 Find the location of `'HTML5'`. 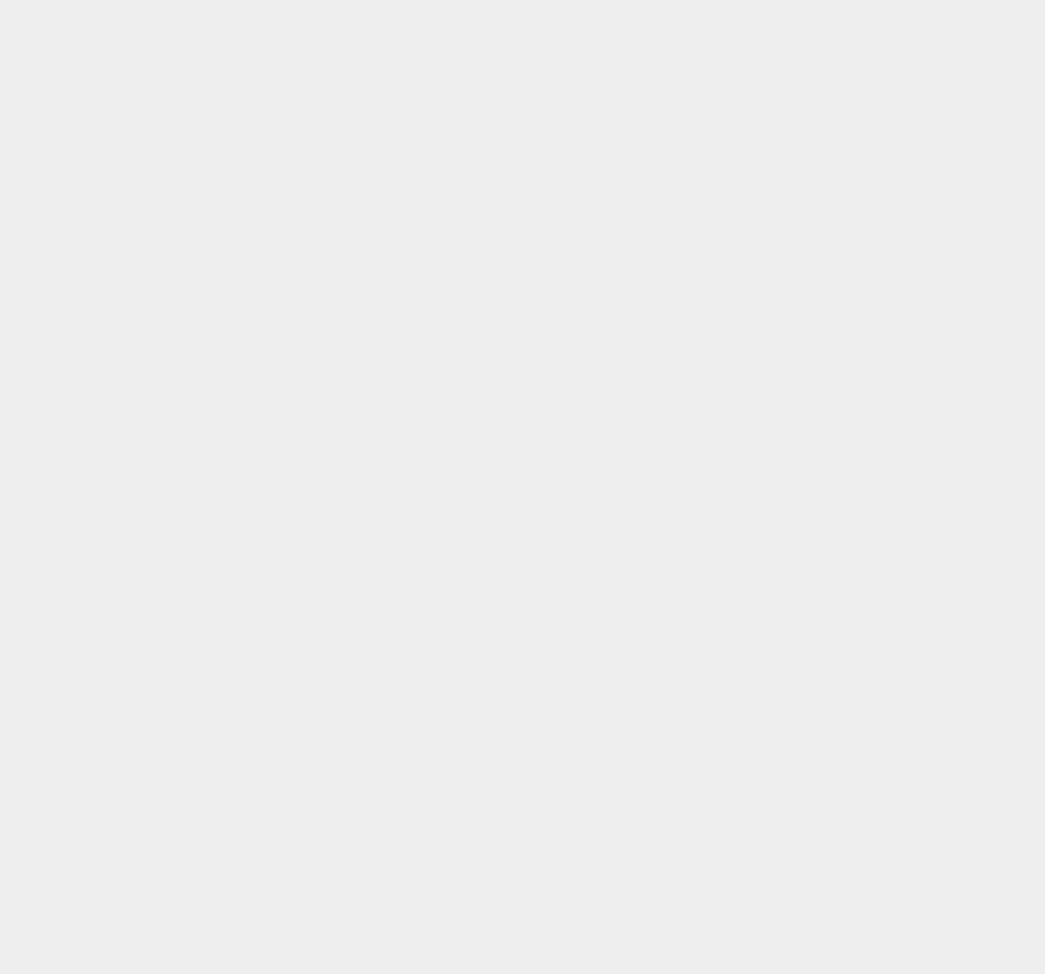

'HTML5' is located at coordinates (759, 592).